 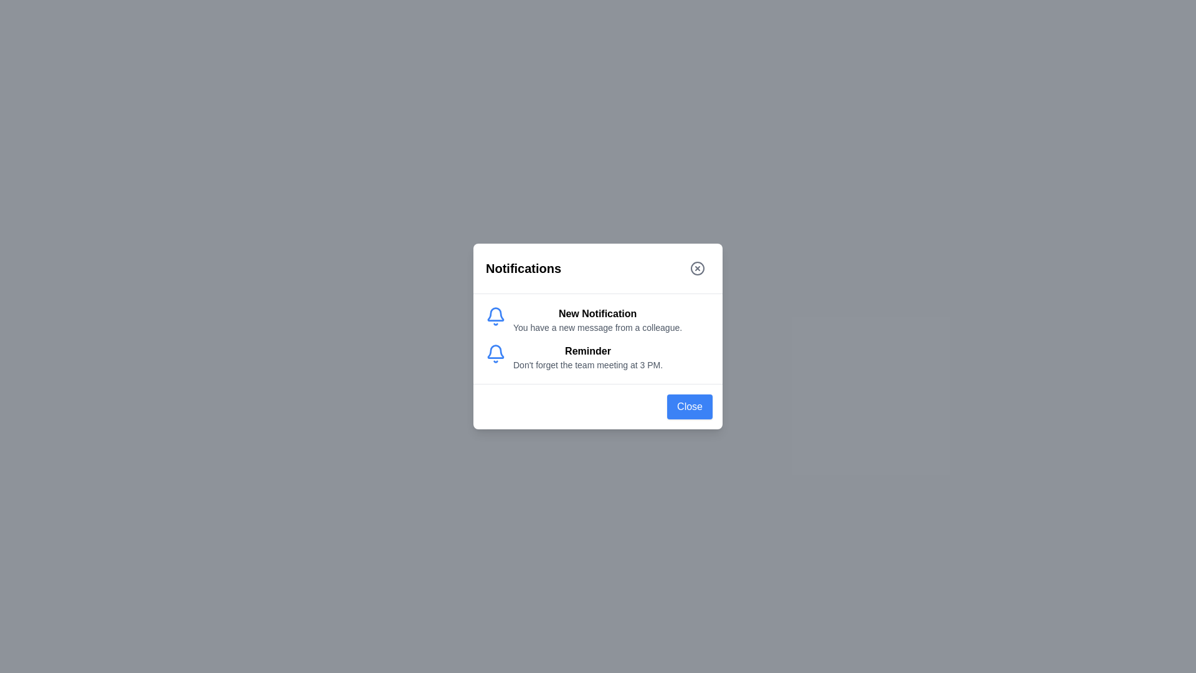 I want to click on the informational text that reads 'You have a new message from a colleague.', which is positioned beneath the heading 'New Notification' in the notification card, so click(x=597, y=327).